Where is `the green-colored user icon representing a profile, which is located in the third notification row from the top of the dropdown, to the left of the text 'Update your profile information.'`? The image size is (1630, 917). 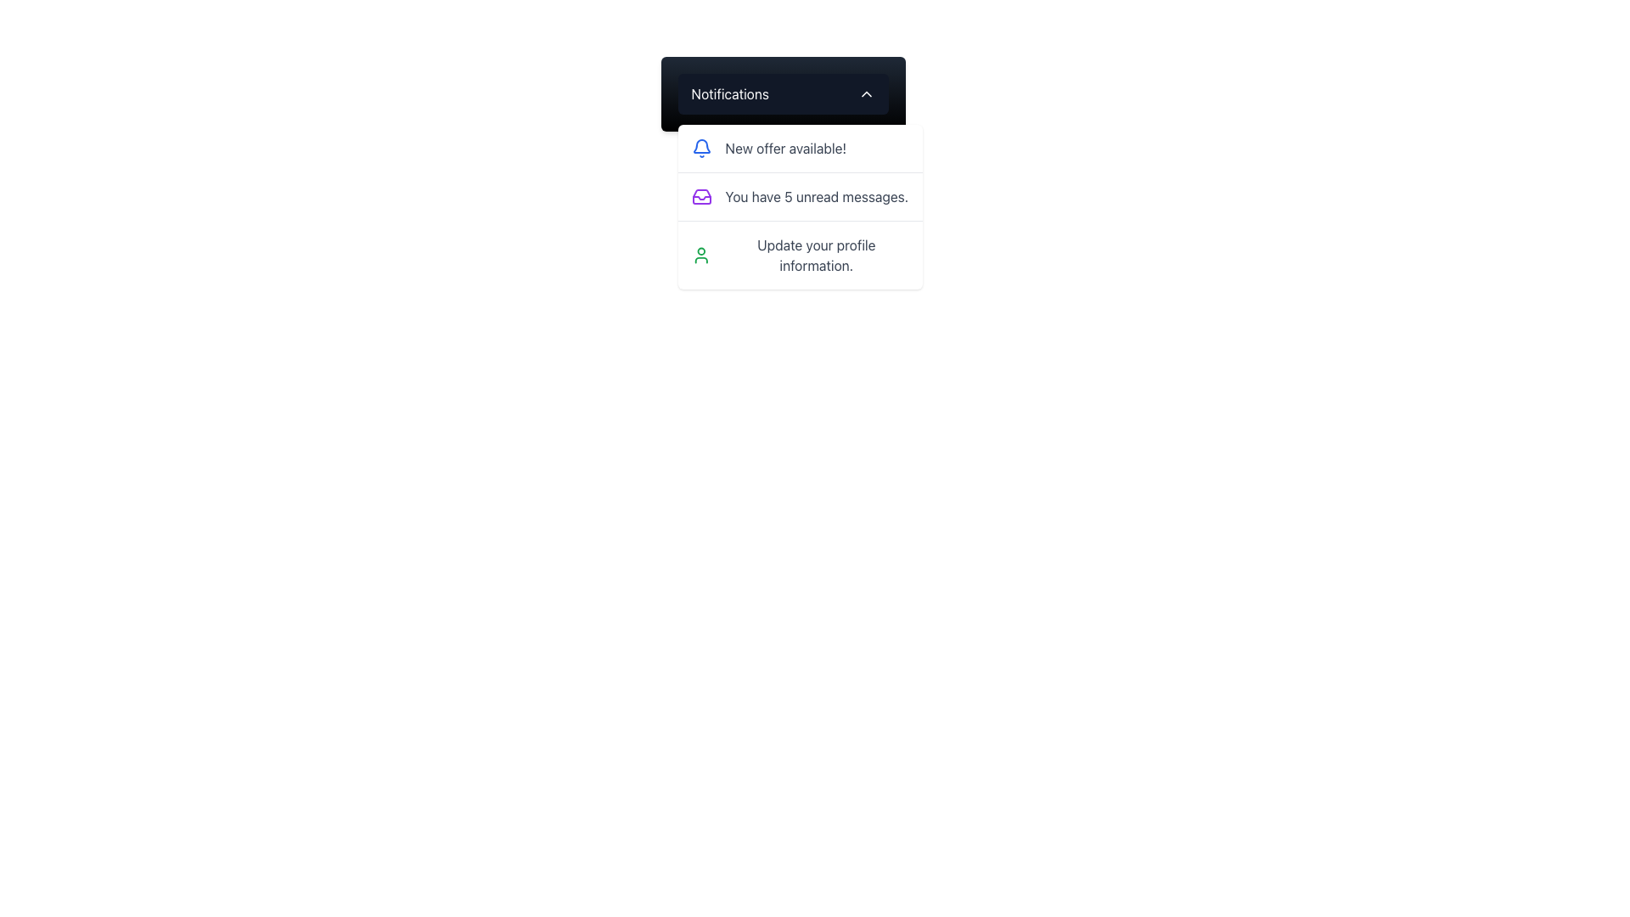 the green-colored user icon representing a profile, which is located in the third notification row from the top of the dropdown, to the left of the text 'Update your profile information.' is located at coordinates (700, 255).